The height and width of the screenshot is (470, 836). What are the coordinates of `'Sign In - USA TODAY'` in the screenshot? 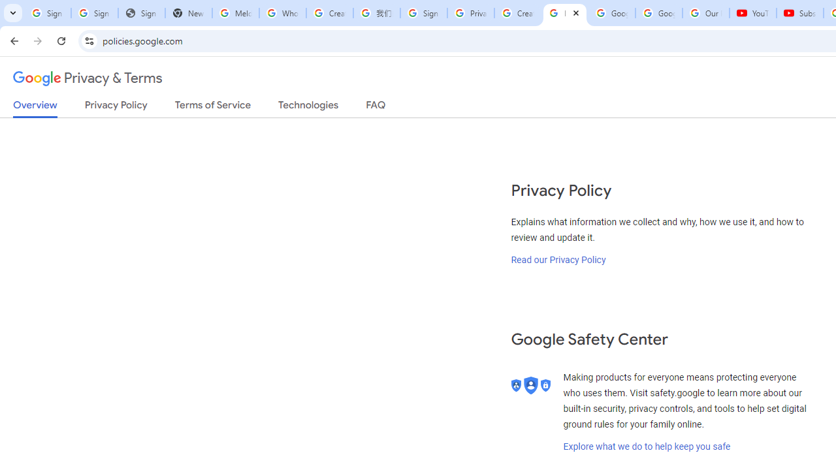 It's located at (141, 13).